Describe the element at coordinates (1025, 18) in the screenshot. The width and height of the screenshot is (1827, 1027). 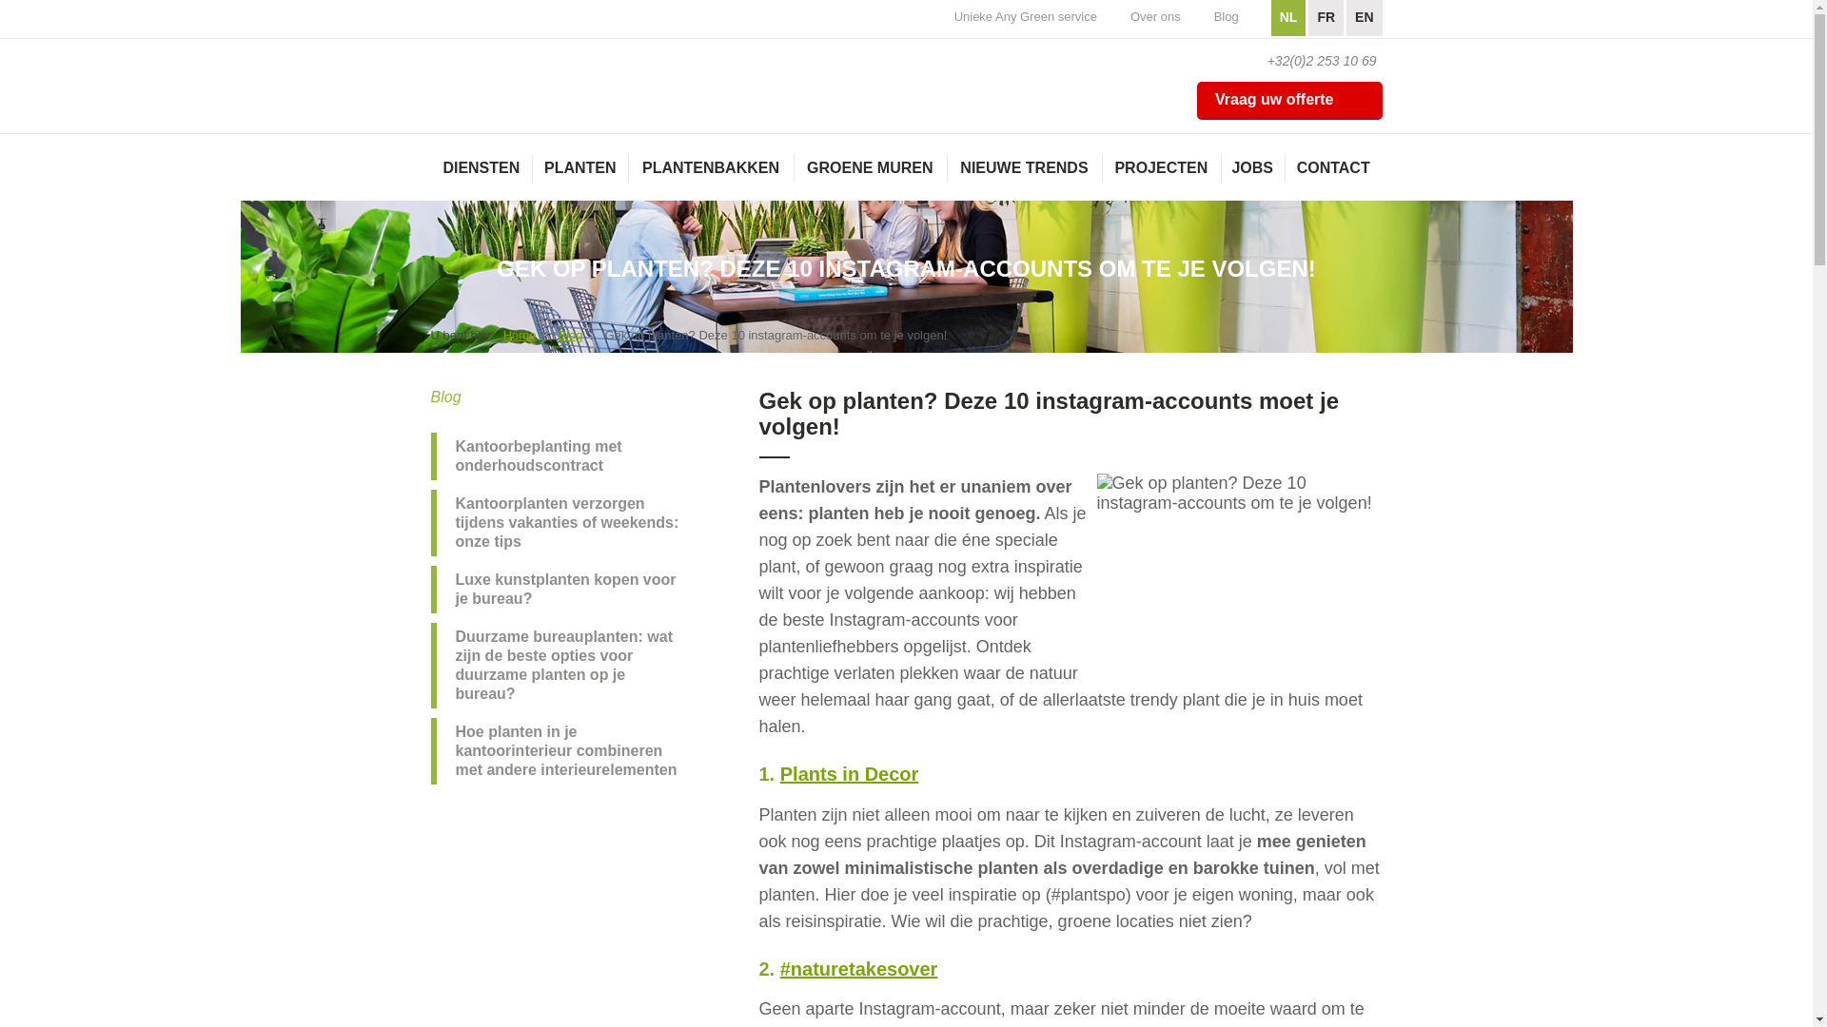
I see `'Unieke Any Green service'` at that location.